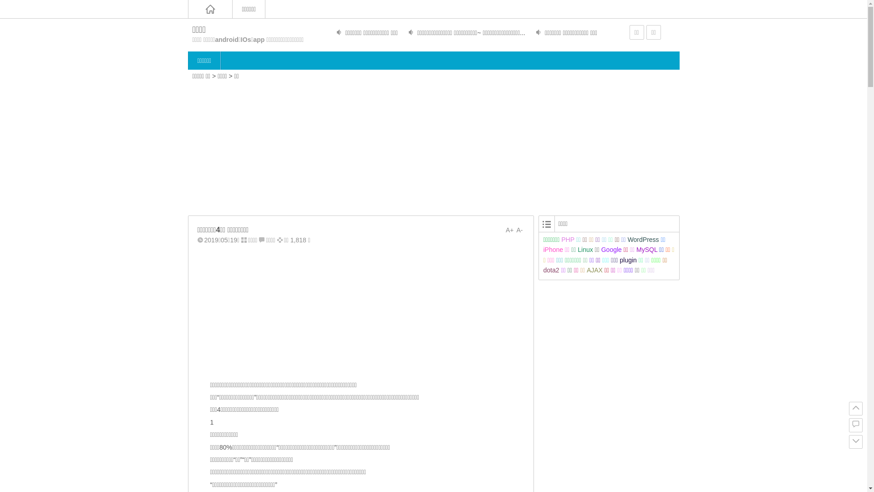 Image resolution: width=874 pixels, height=492 pixels. Describe the element at coordinates (635, 249) in the screenshot. I see `'MySQL'` at that location.